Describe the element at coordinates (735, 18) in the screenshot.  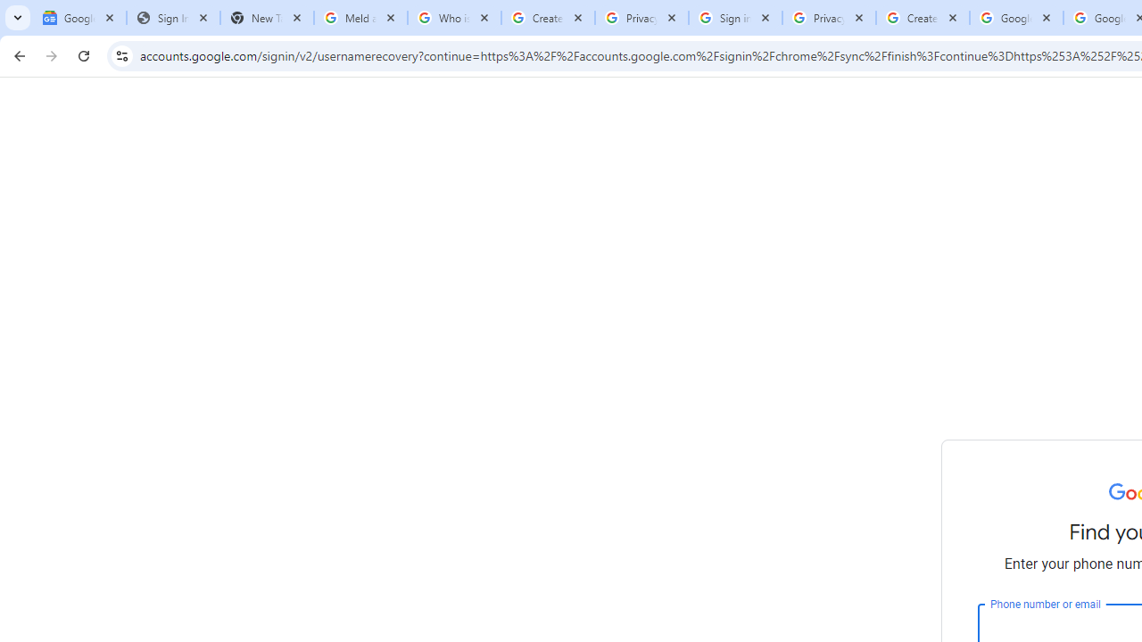
I see `'Sign in - Google Accounts'` at that location.